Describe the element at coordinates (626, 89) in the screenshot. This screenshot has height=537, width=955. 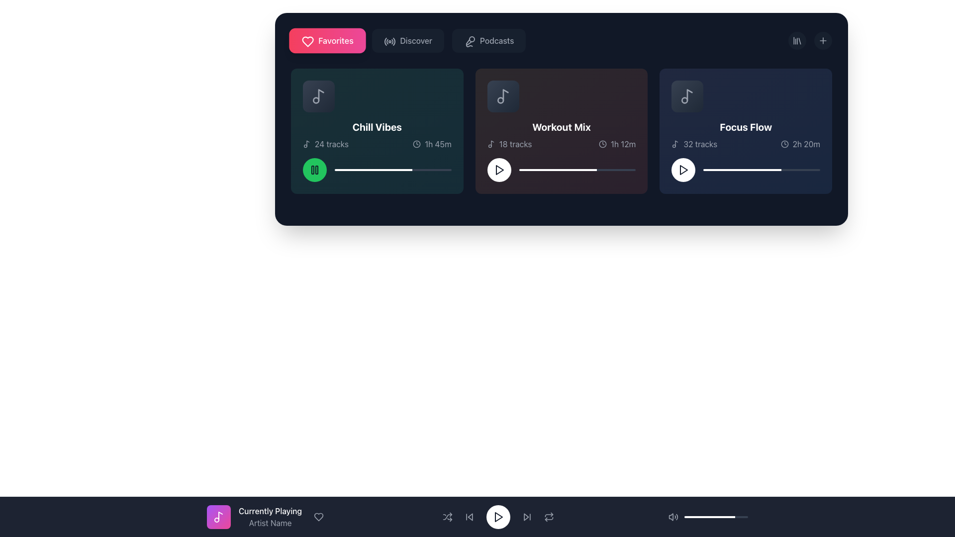
I see `the circular gray button with three dots arranged horizontally, located in the top-right corner of the 'Workout Mix' card, between 'Chill Vibes' and 'Focus Flow' cards` at that location.